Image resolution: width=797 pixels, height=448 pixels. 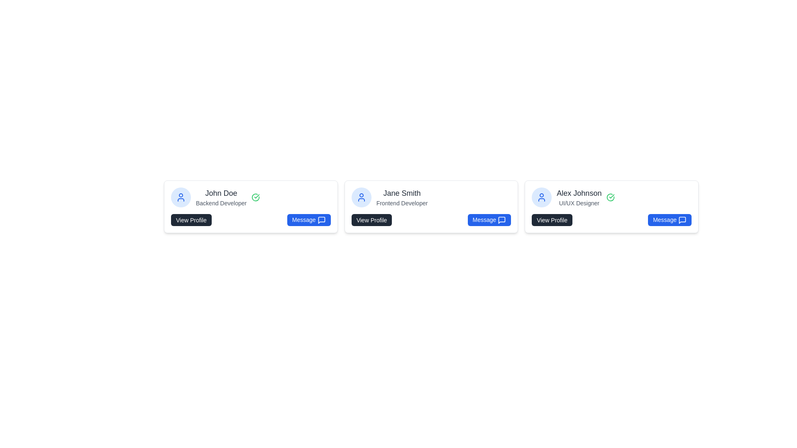 What do you see at coordinates (250, 197) in the screenshot?
I see `the user profile snippet for 'John Doe', which includes a verification icon` at bounding box center [250, 197].